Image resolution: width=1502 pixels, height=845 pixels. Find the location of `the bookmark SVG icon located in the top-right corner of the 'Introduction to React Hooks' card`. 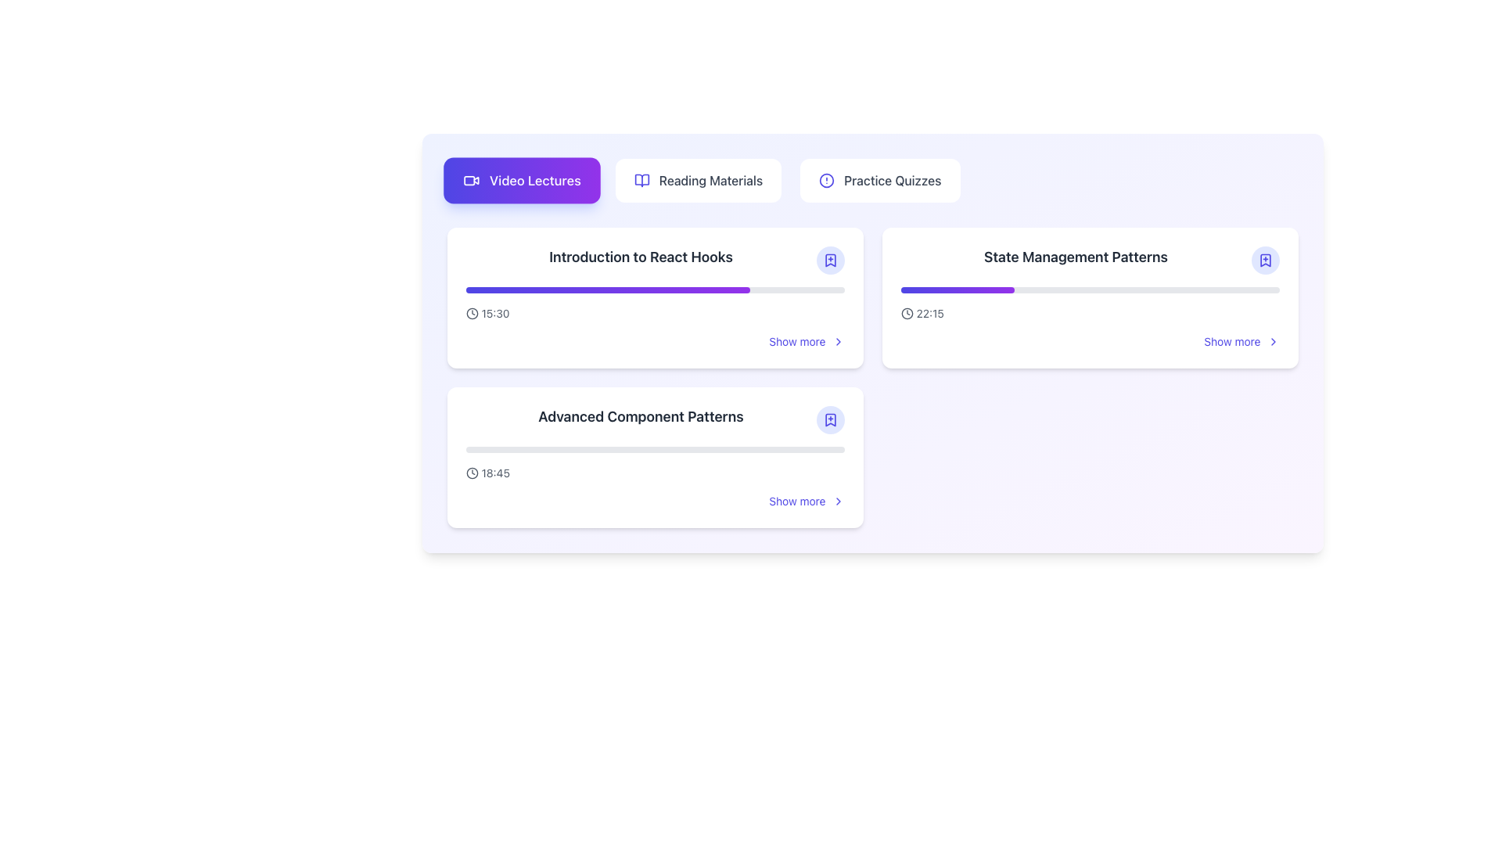

the bookmark SVG icon located in the top-right corner of the 'Introduction to React Hooks' card is located at coordinates (829, 259).